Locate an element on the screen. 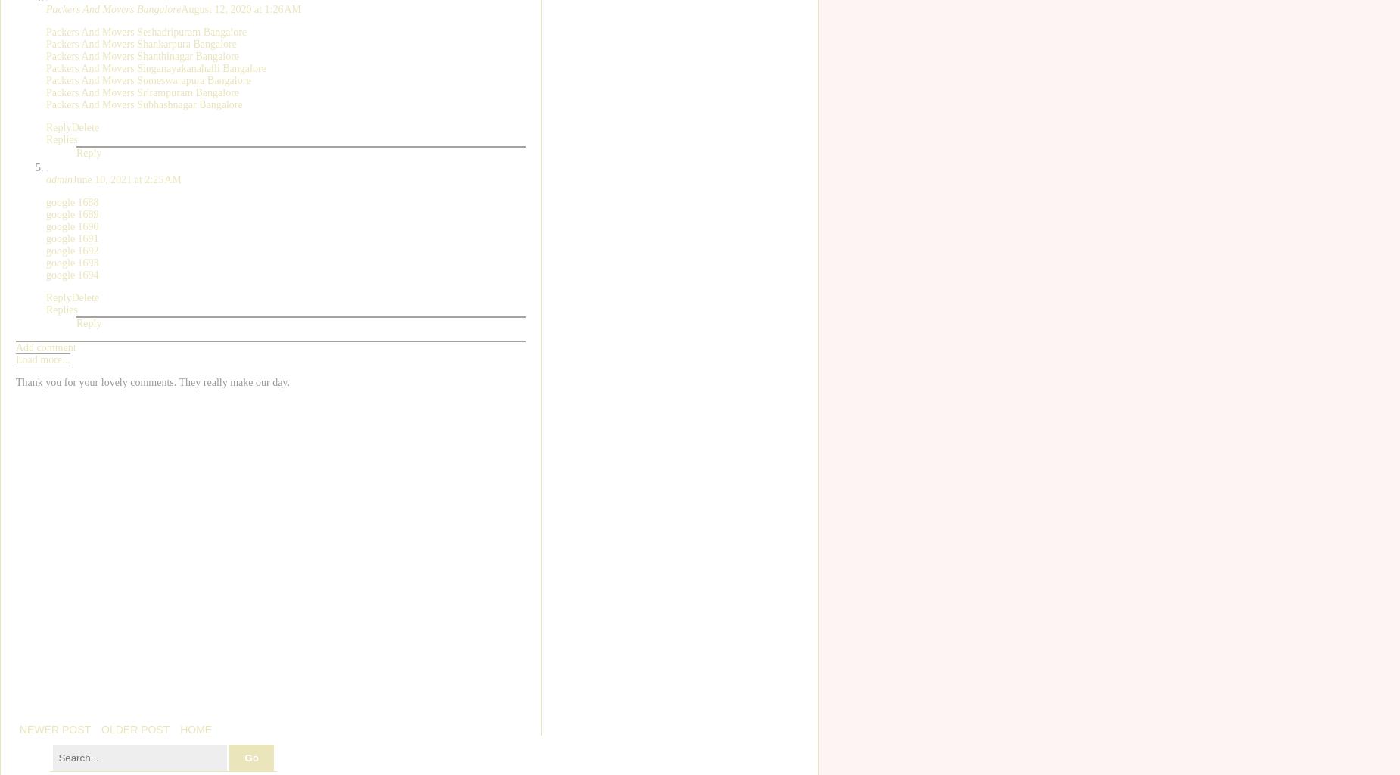  'Packers And Movers Shanthinagar Bangalore' is located at coordinates (142, 55).